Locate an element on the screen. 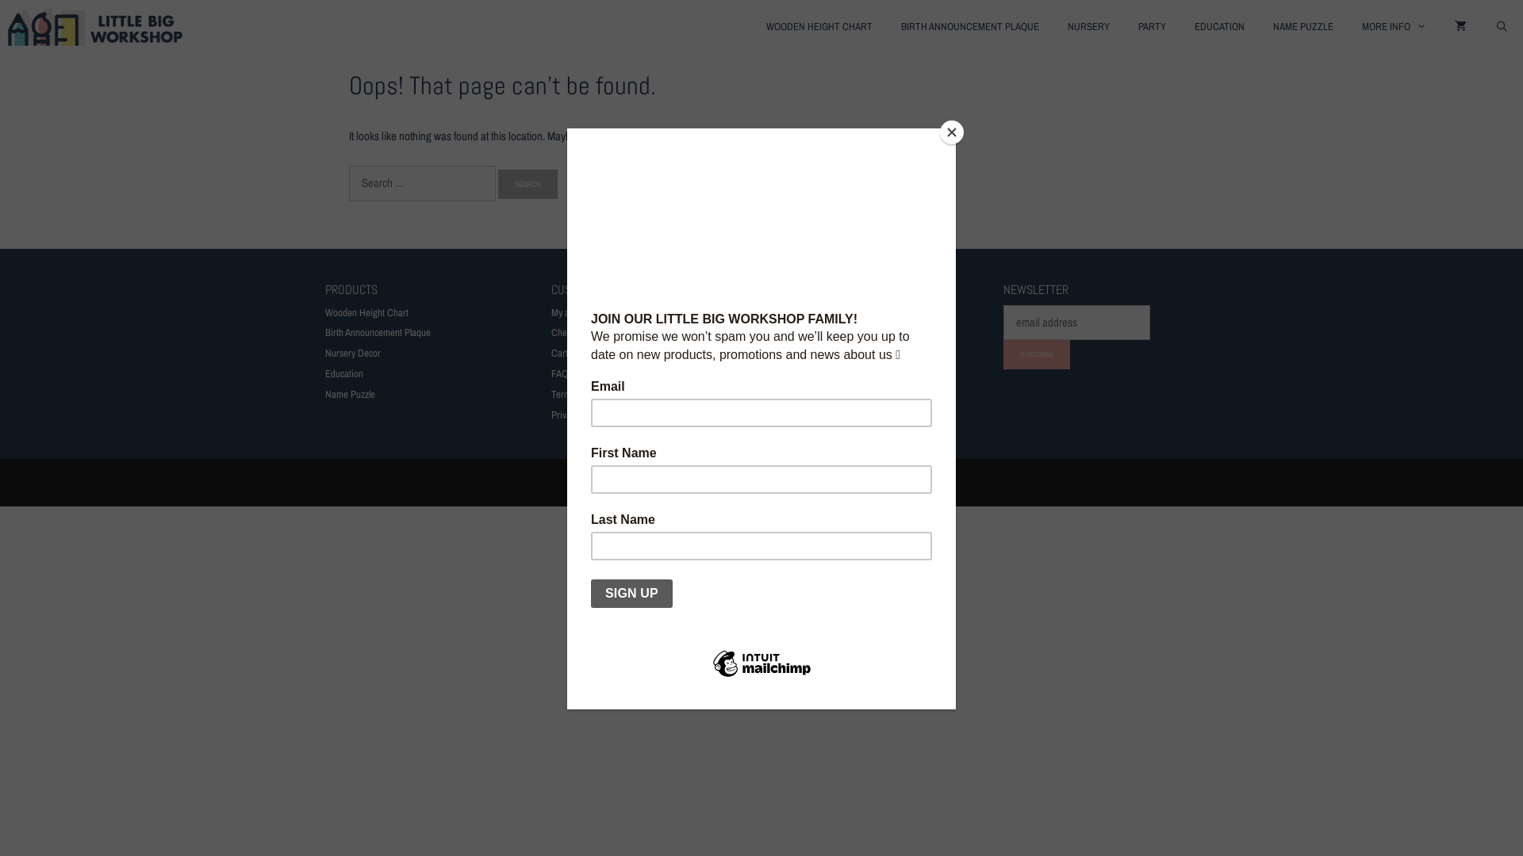  'EDUCATION' is located at coordinates (1218, 27).